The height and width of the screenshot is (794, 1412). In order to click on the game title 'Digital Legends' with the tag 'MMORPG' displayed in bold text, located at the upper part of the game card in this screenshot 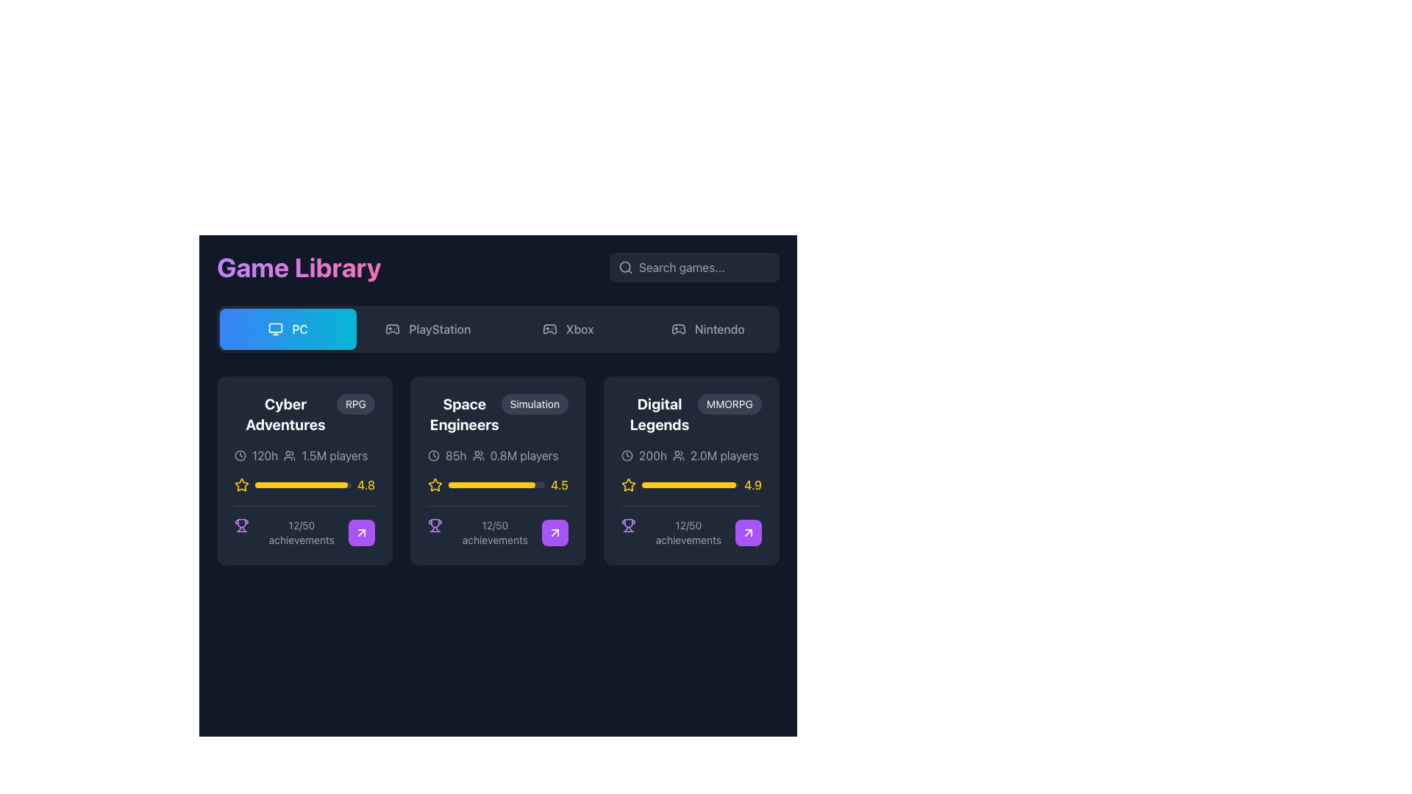, I will do `click(691, 414)`.